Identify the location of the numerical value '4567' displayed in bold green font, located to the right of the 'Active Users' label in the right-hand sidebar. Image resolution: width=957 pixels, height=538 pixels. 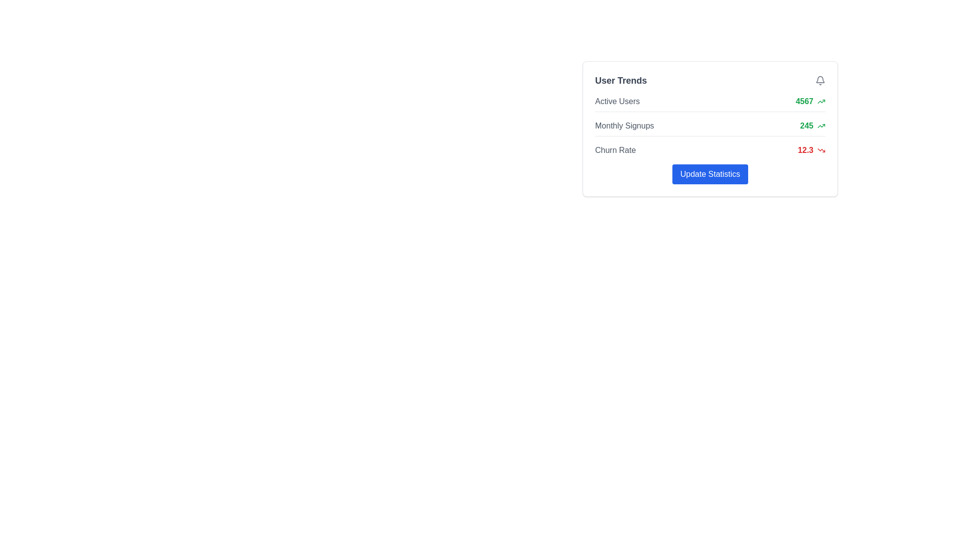
(810, 102).